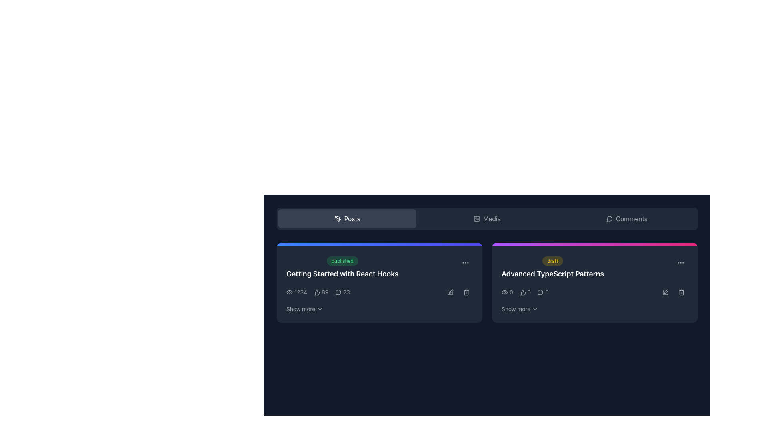  Describe the element at coordinates (507, 292) in the screenshot. I see `the view counter with an eye-shaped icon displaying '0' located in the bottom left area of the card titled 'Advanced TypeScript Patterns'` at that location.